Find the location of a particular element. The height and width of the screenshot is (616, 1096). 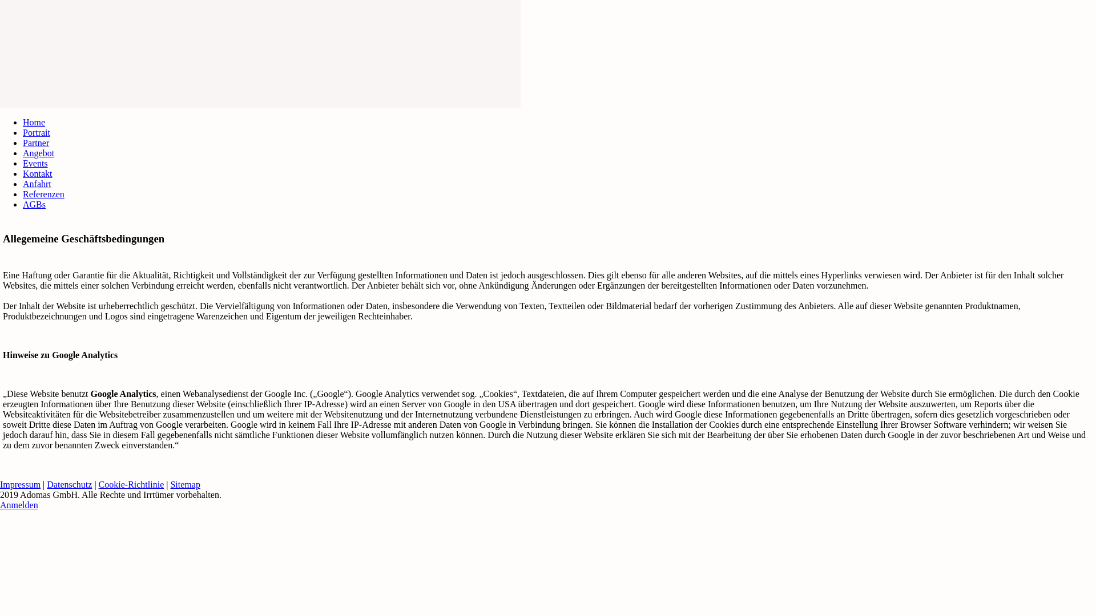

'Referenzen' is located at coordinates (43, 193).